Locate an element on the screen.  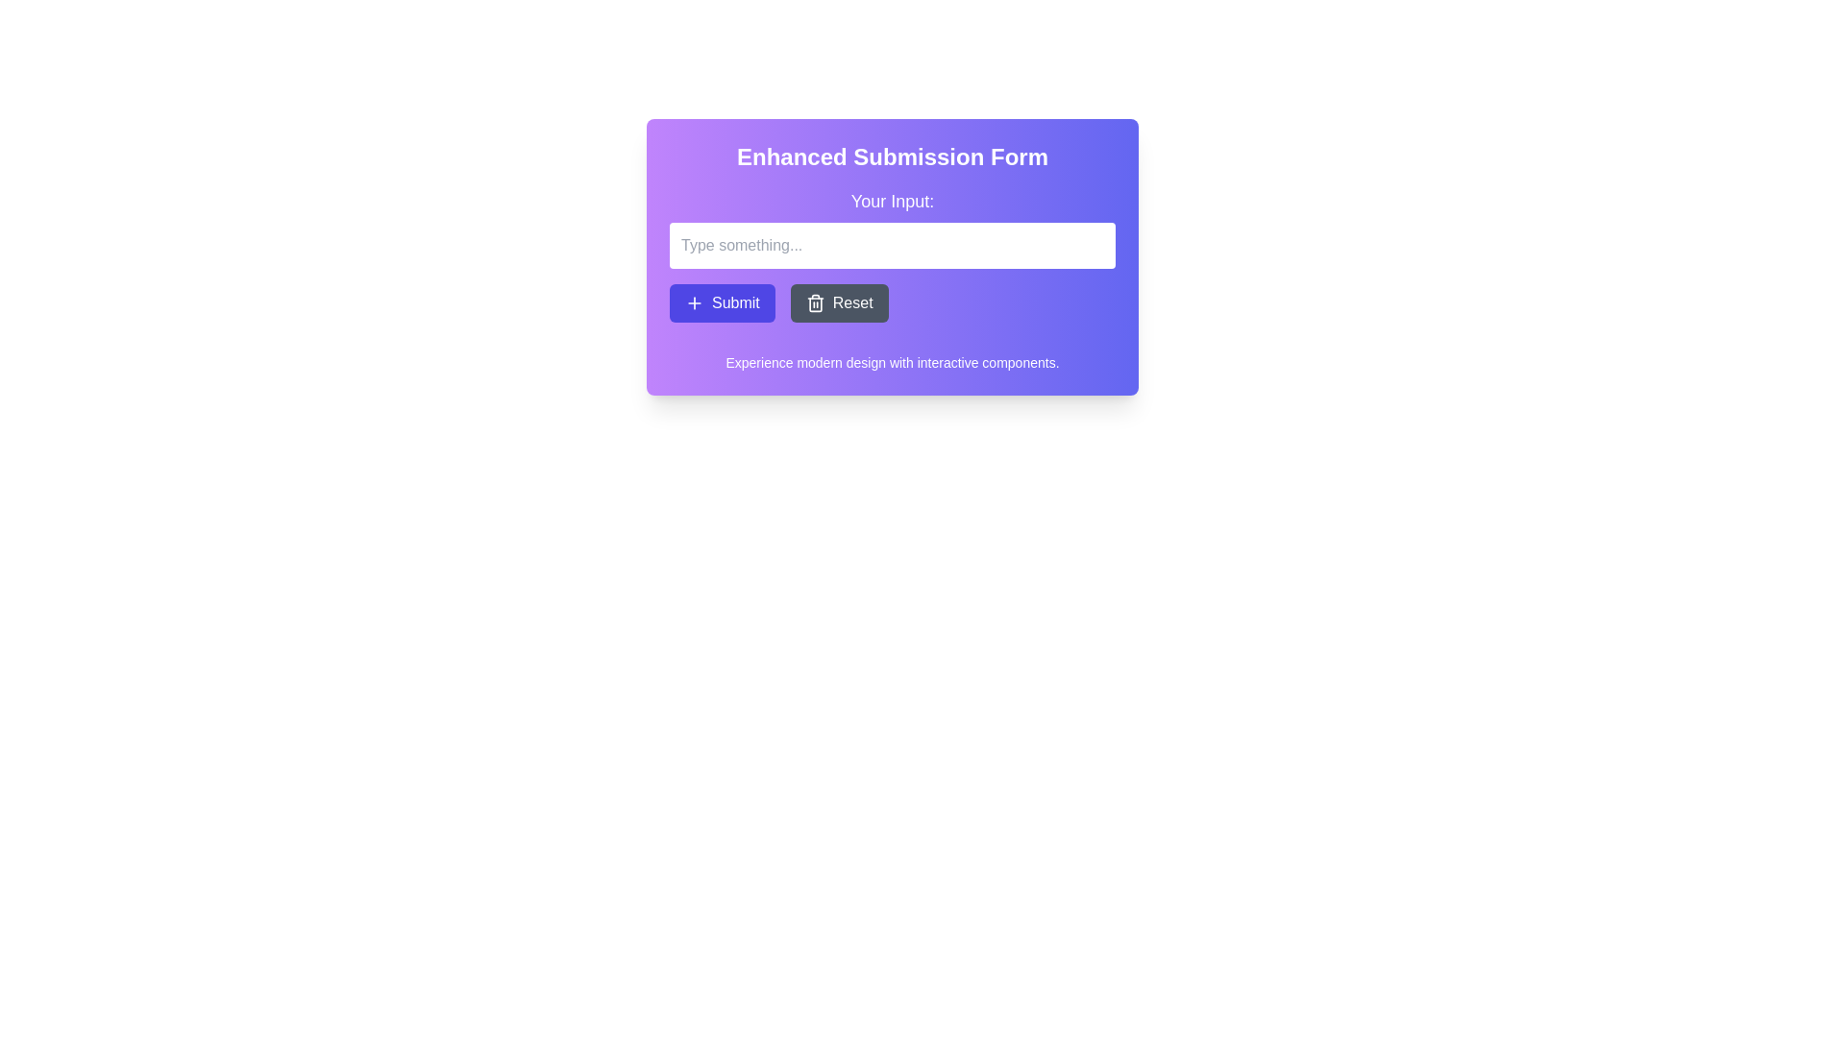
the static text element located at the bottom-center of the gradient card panel, which emphasizes the modern design and interactive capabilities of the interface is located at coordinates (892, 363).